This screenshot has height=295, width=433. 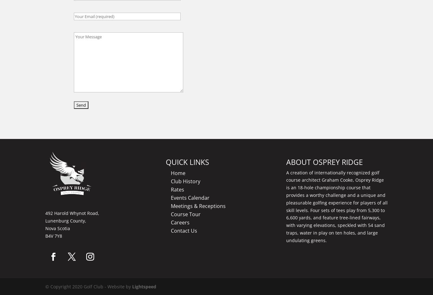 What do you see at coordinates (171, 189) in the screenshot?
I see `'Rates'` at bounding box center [171, 189].